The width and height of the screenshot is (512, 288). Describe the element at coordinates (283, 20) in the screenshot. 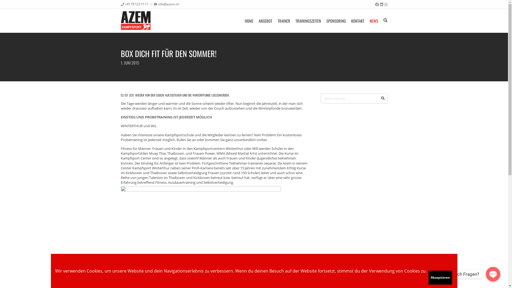

I see `'TRAINER'` at that location.